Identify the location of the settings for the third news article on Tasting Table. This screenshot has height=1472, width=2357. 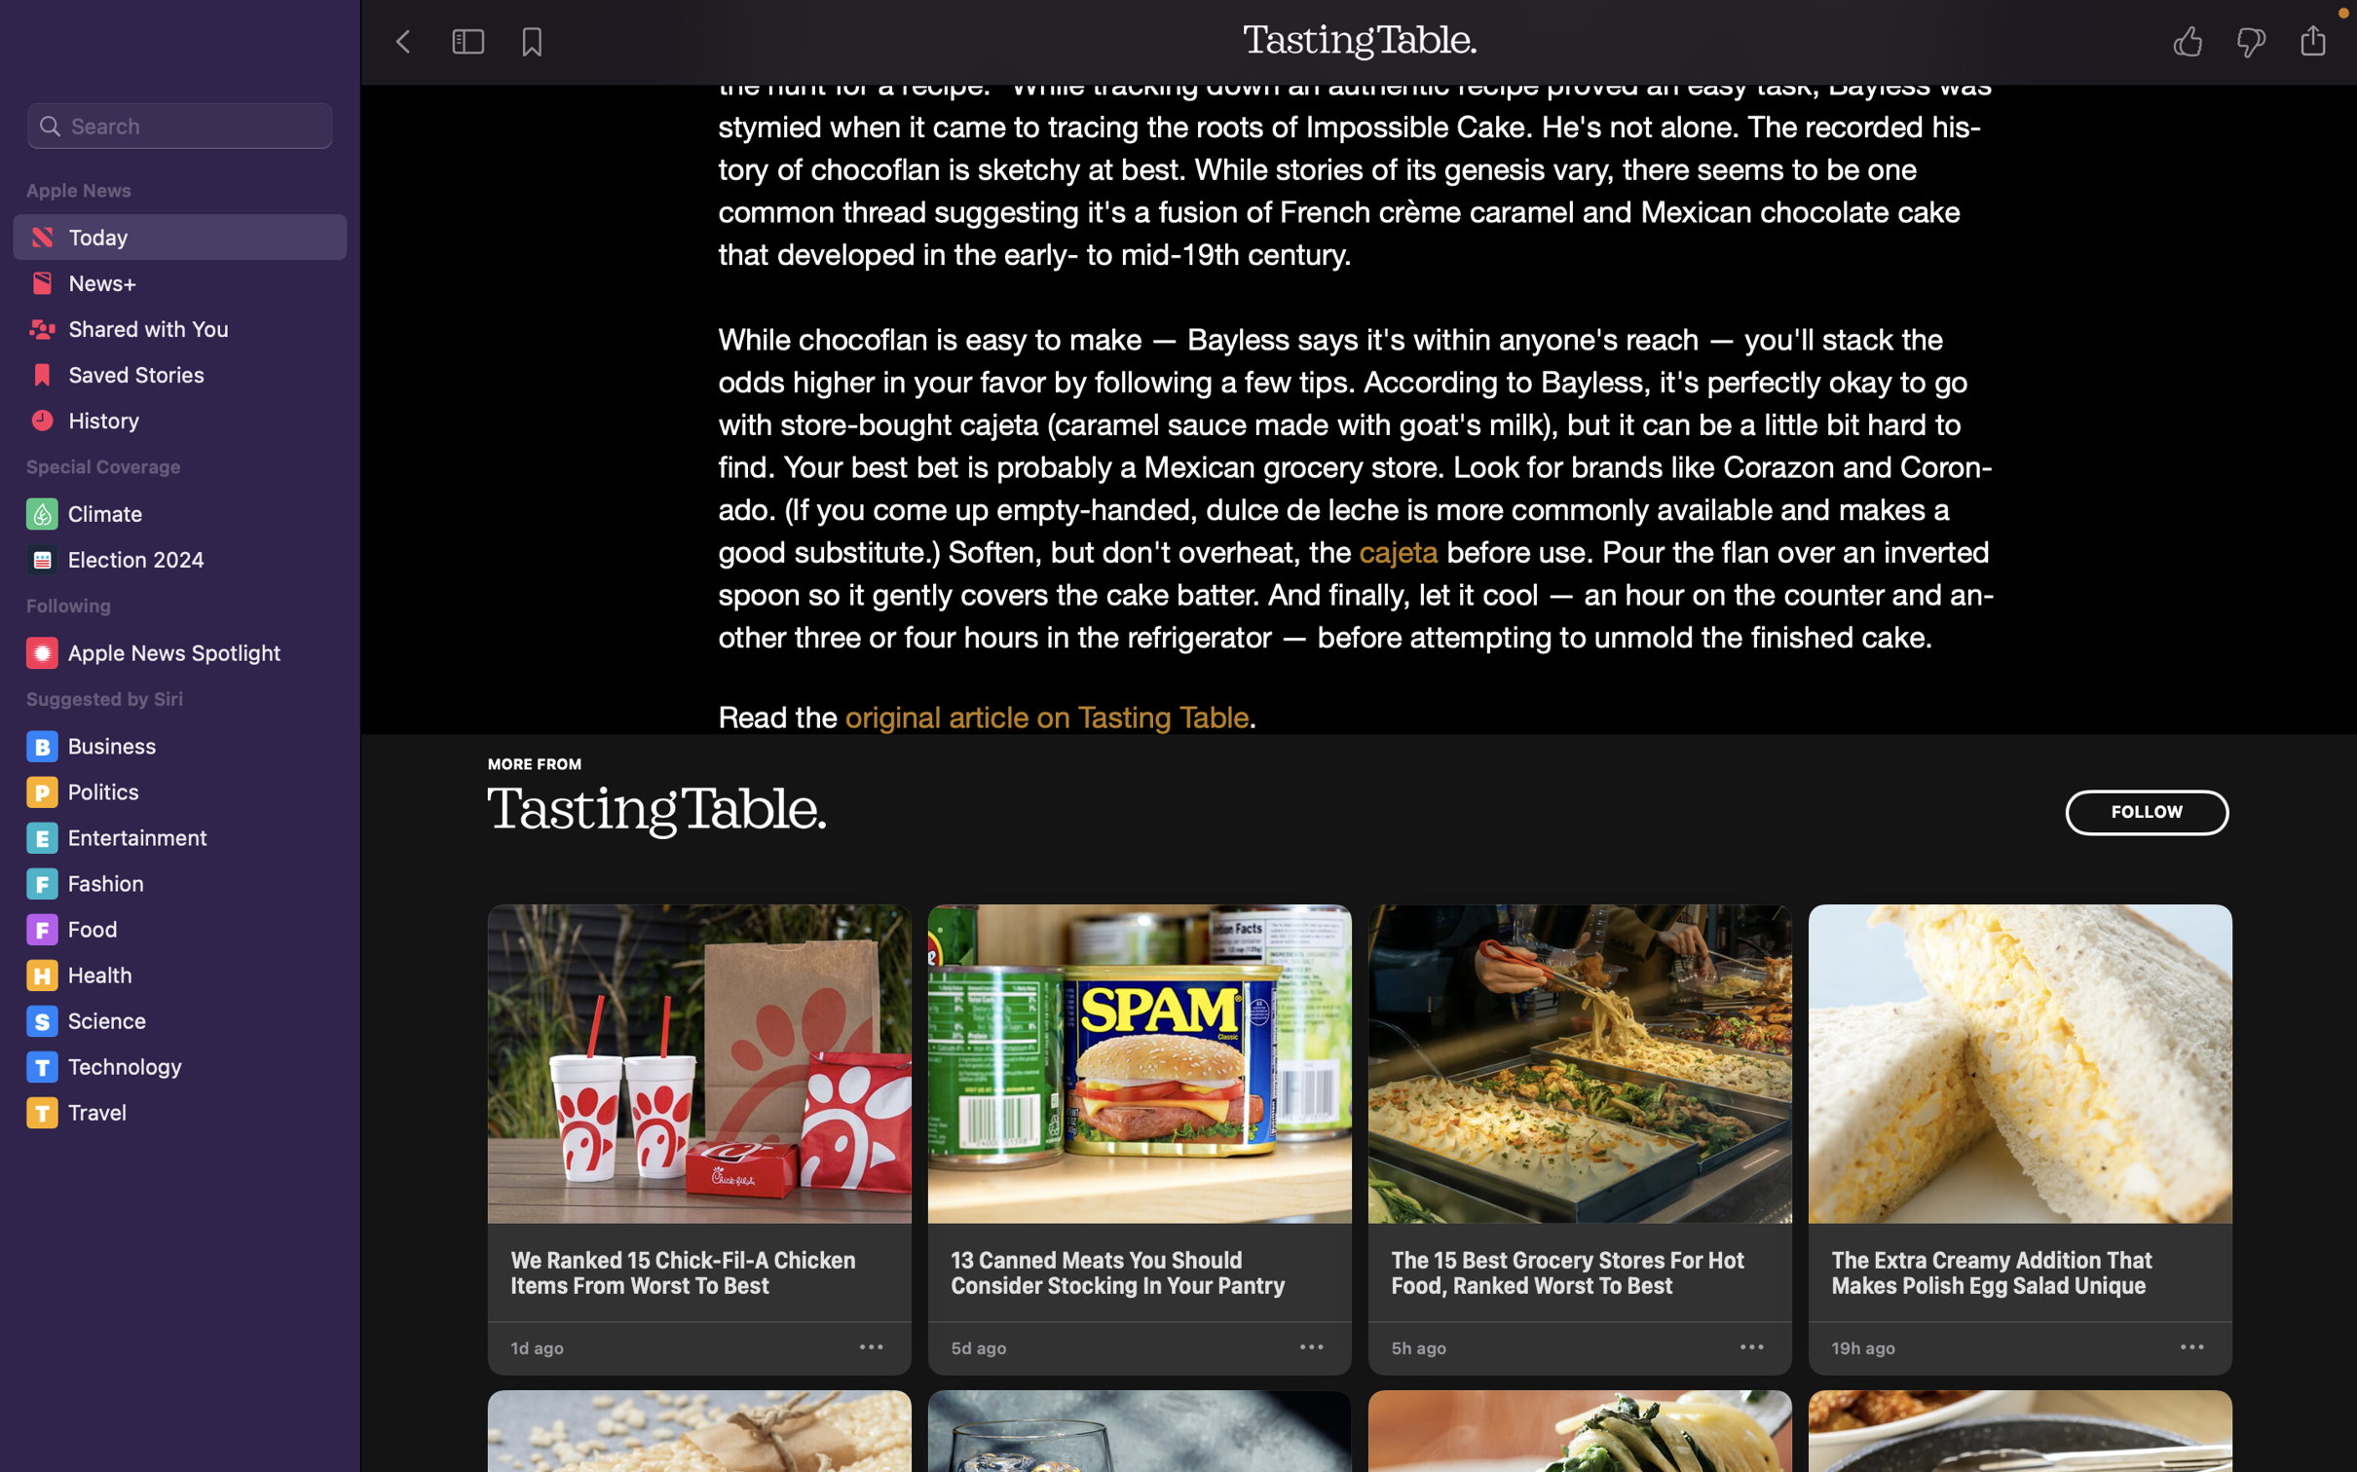
(1750, 1347).